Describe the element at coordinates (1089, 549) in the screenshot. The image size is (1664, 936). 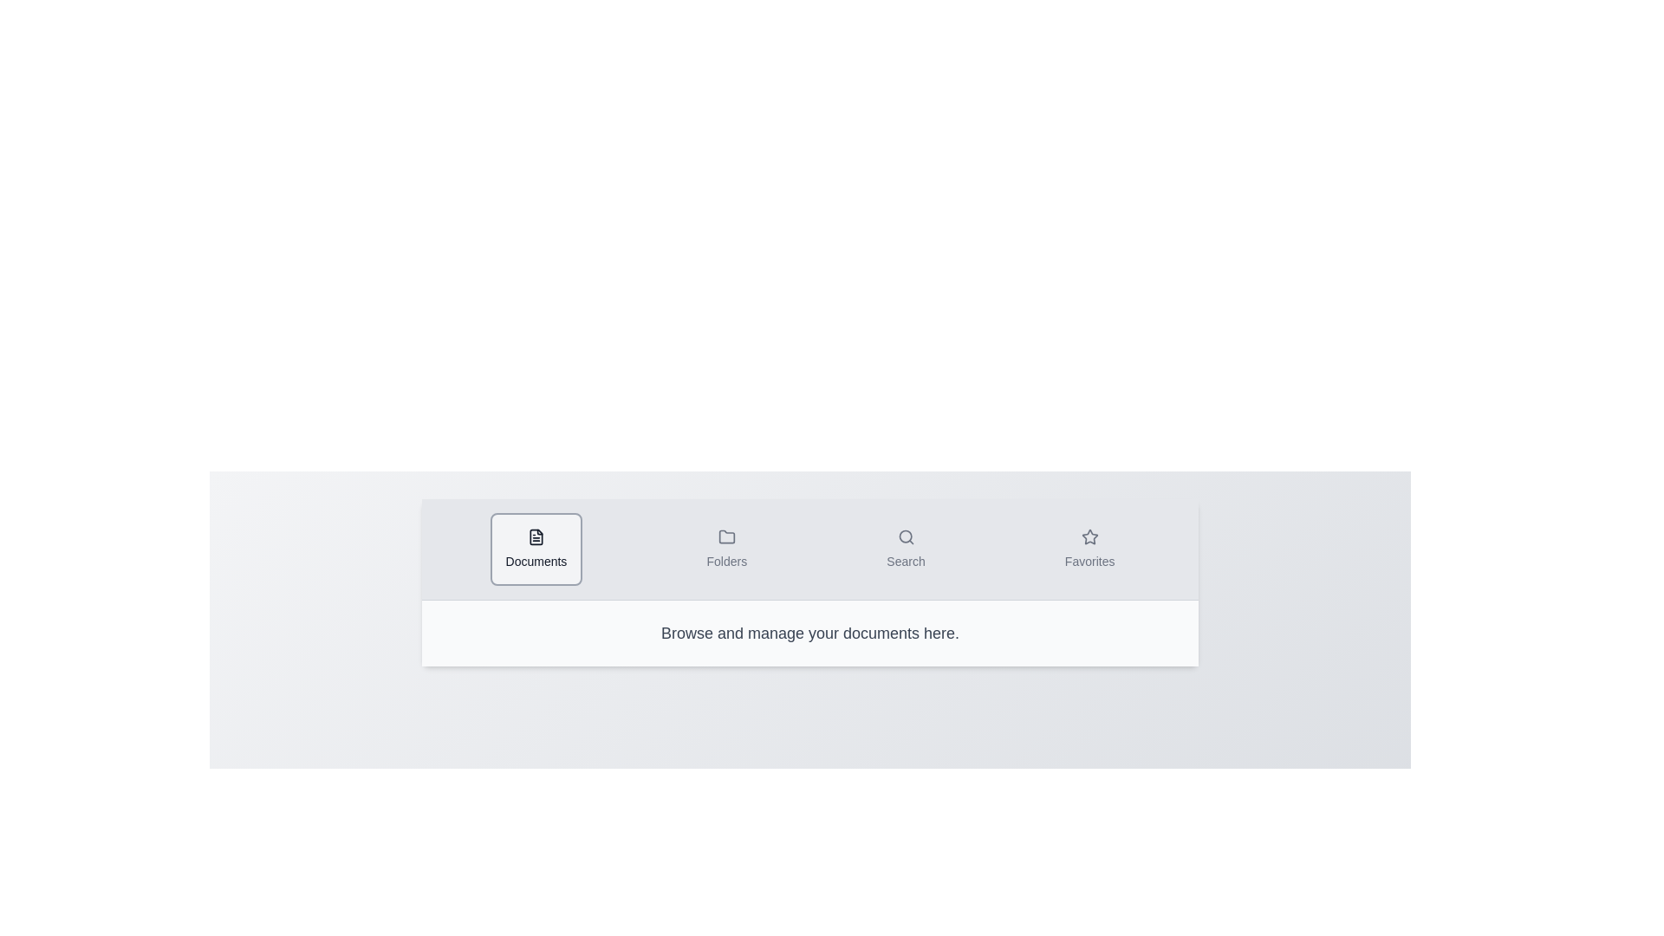
I see `the tab labeled Favorites` at that location.